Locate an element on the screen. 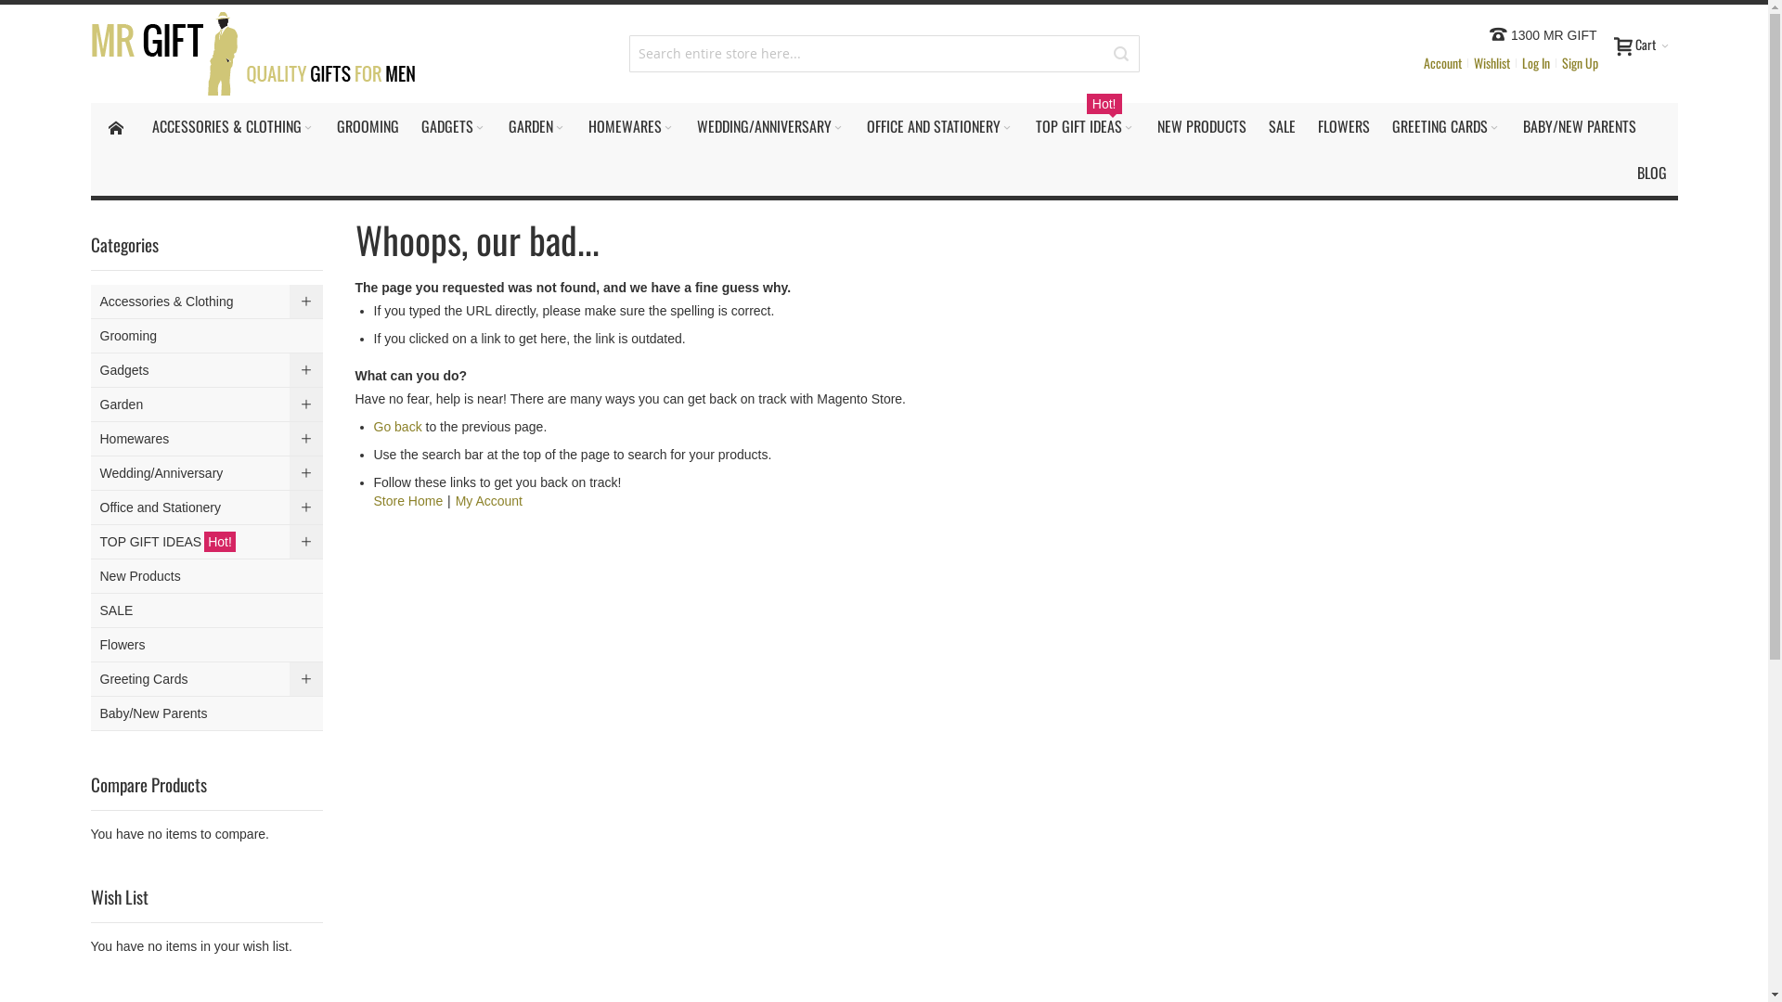 The image size is (1782, 1002). 'Store Home' is located at coordinates (407, 501).